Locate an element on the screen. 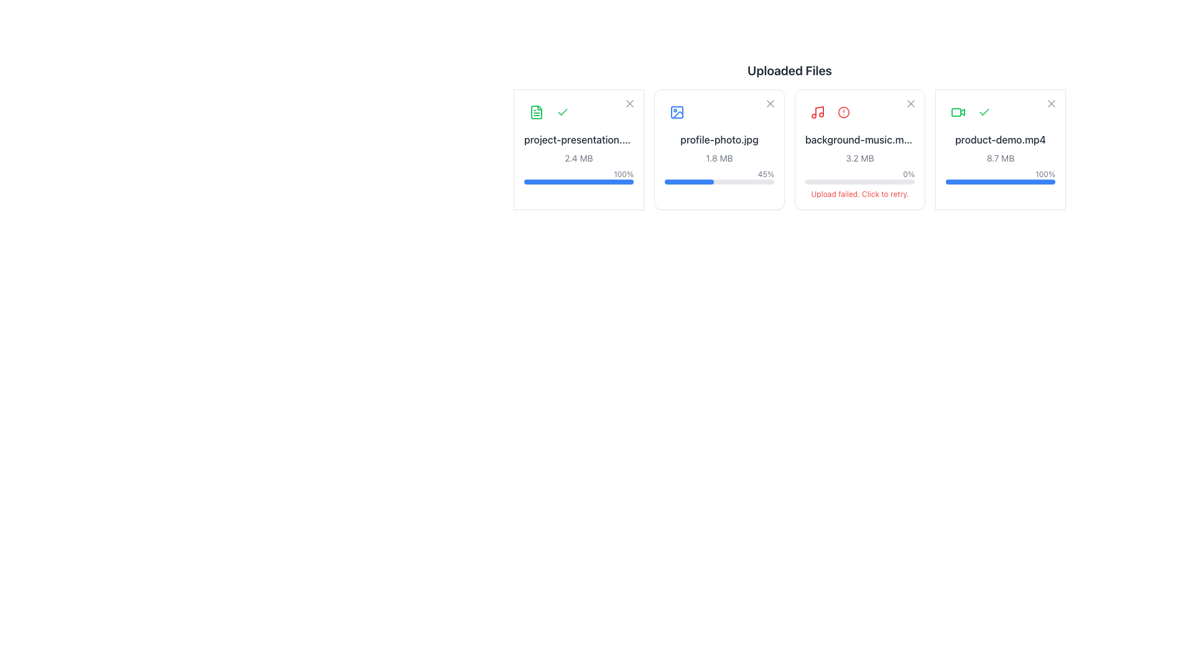 Image resolution: width=1194 pixels, height=671 pixels. the green-colored checkmark status indicator located near the 'product-demo.mp4' card in the 'Uploaded Files' section is located at coordinates (984, 112).